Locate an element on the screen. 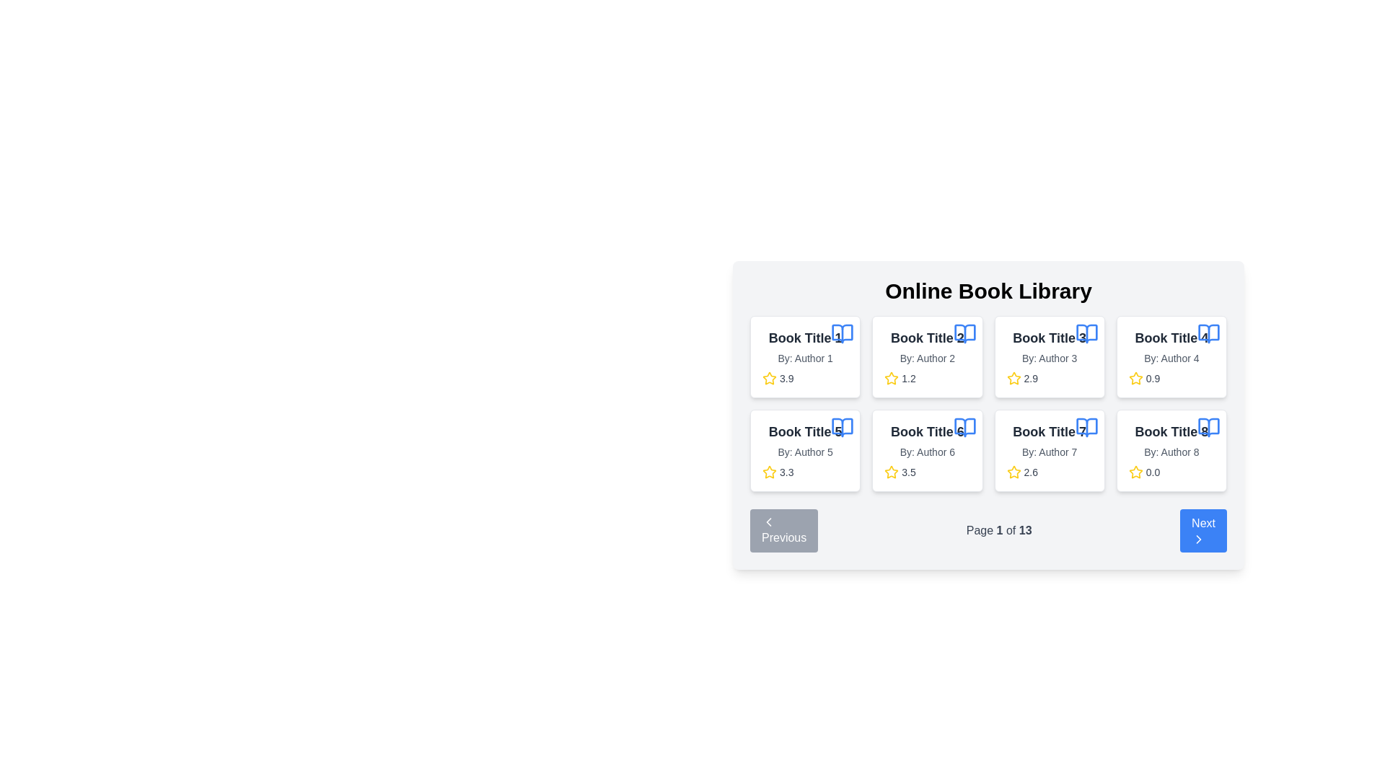 The height and width of the screenshot is (779, 1385). the blue open book icon located in the top-right corner of the card for 'Book Title 6' is located at coordinates (964, 427).